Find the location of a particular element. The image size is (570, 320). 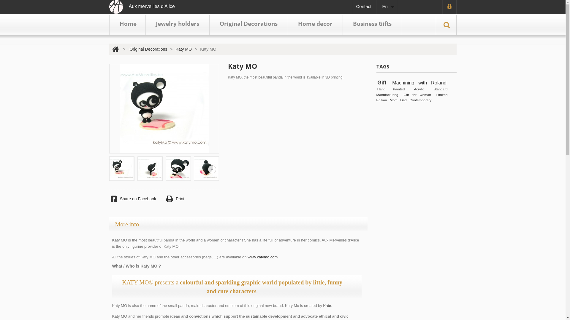

'Home' is located at coordinates (127, 24).